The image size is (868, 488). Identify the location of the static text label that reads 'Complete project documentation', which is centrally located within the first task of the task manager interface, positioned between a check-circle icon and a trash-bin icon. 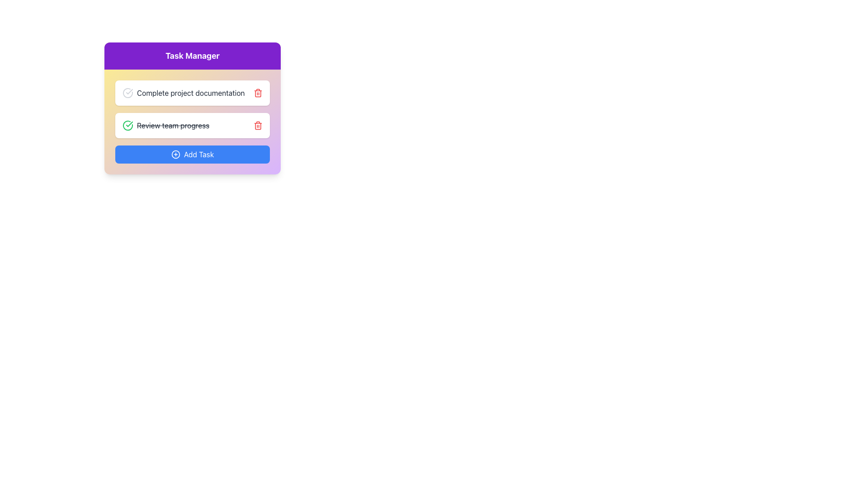
(190, 93).